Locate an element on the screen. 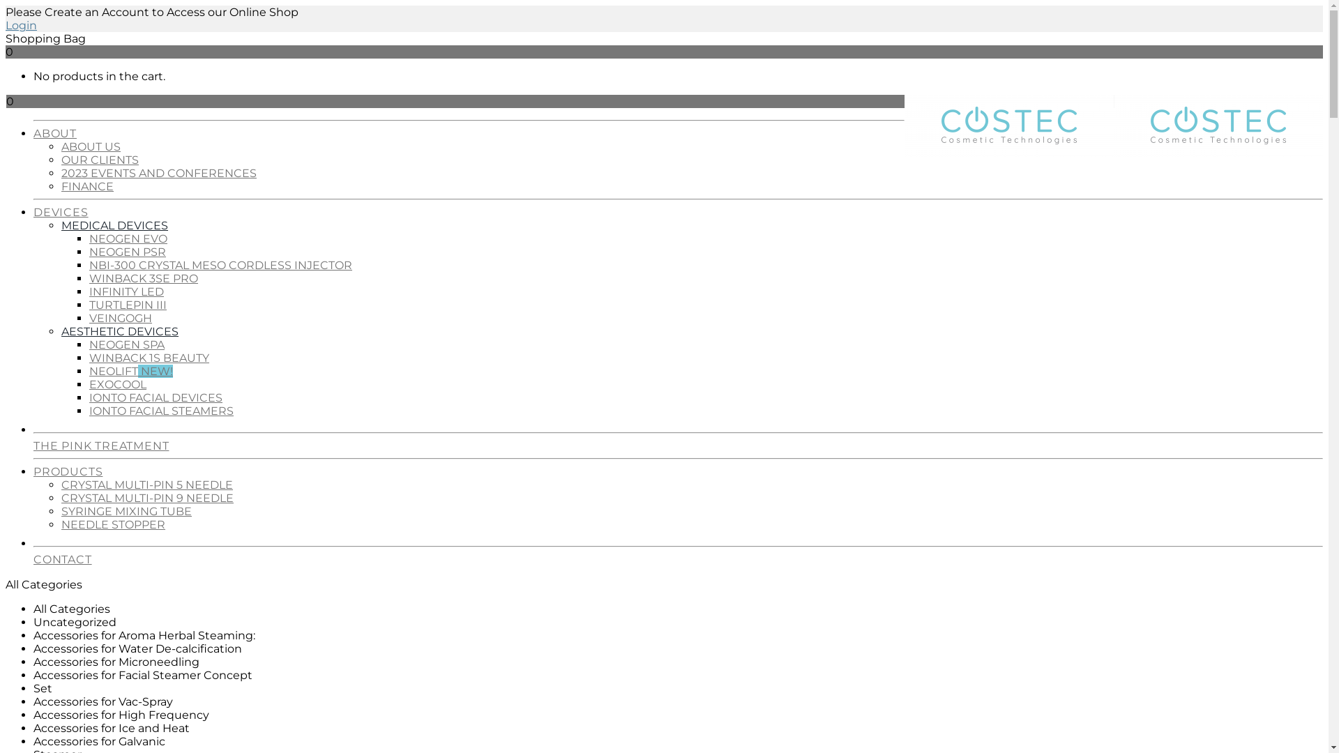 The height and width of the screenshot is (753, 1339). 'NEOLIFT NEW!' is located at coordinates (130, 370).